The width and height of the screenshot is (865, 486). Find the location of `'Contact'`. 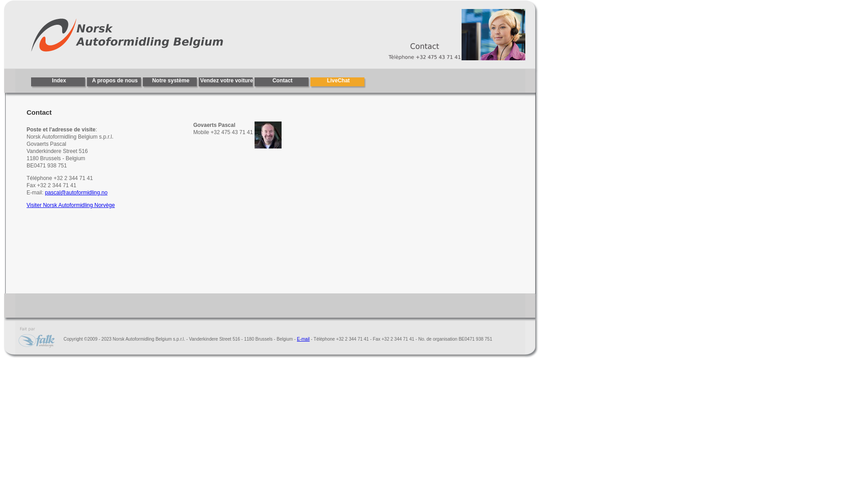

'Contact' is located at coordinates (282, 83).